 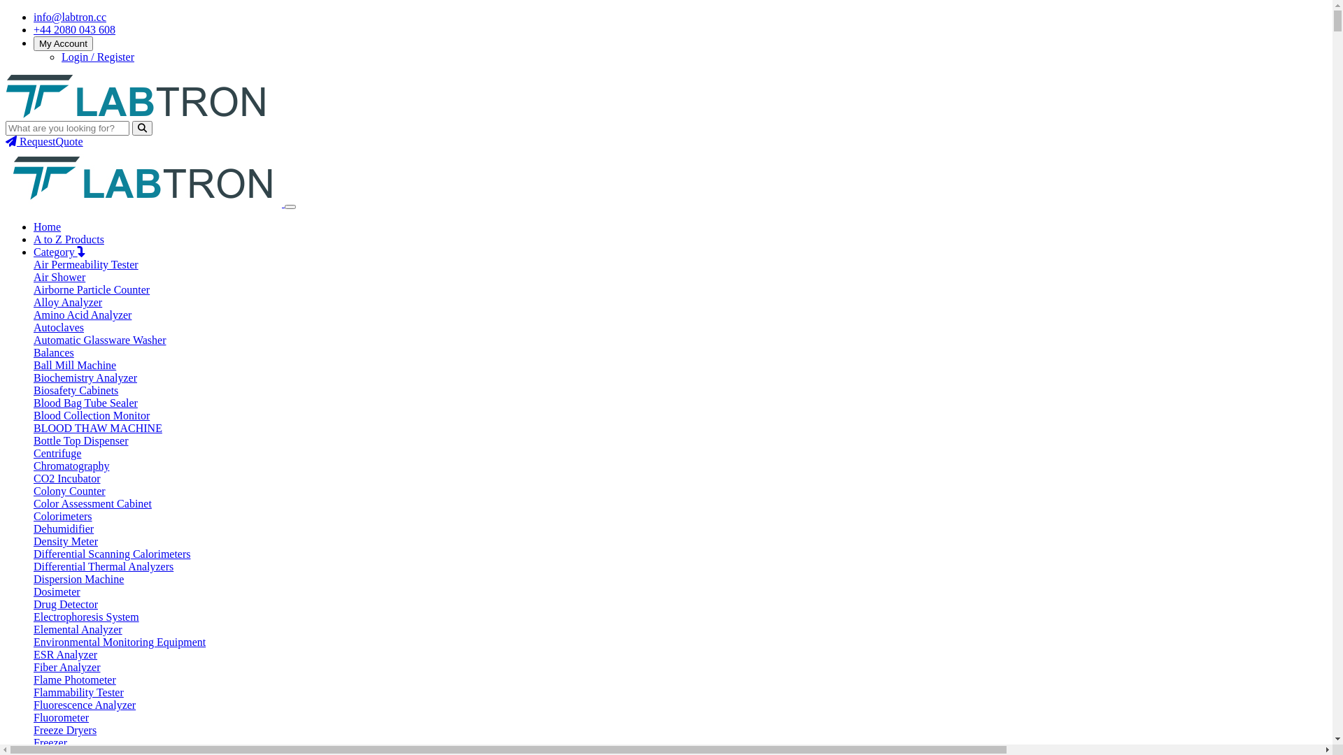 I want to click on 'ESR Analyzer', so click(x=34, y=654).